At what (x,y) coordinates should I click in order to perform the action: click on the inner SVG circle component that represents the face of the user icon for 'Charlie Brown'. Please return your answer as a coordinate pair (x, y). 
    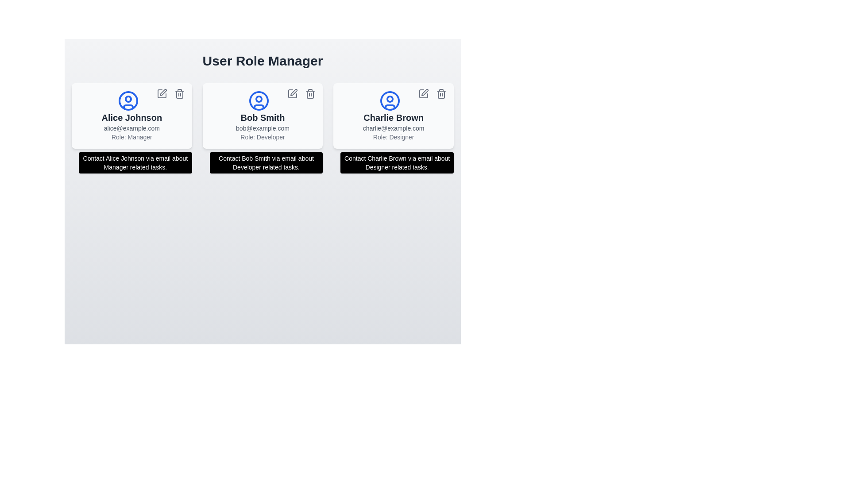
    Looking at the image, I should click on (390, 99).